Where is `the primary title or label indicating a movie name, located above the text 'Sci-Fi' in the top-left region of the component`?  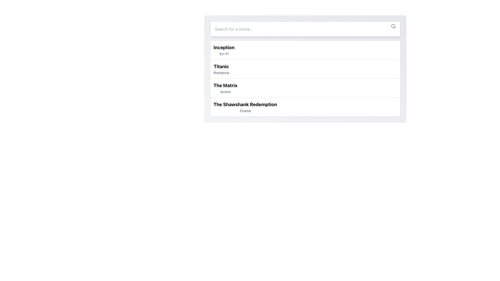 the primary title or label indicating a movie name, located above the text 'Sci-Fi' in the top-left region of the component is located at coordinates (224, 47).